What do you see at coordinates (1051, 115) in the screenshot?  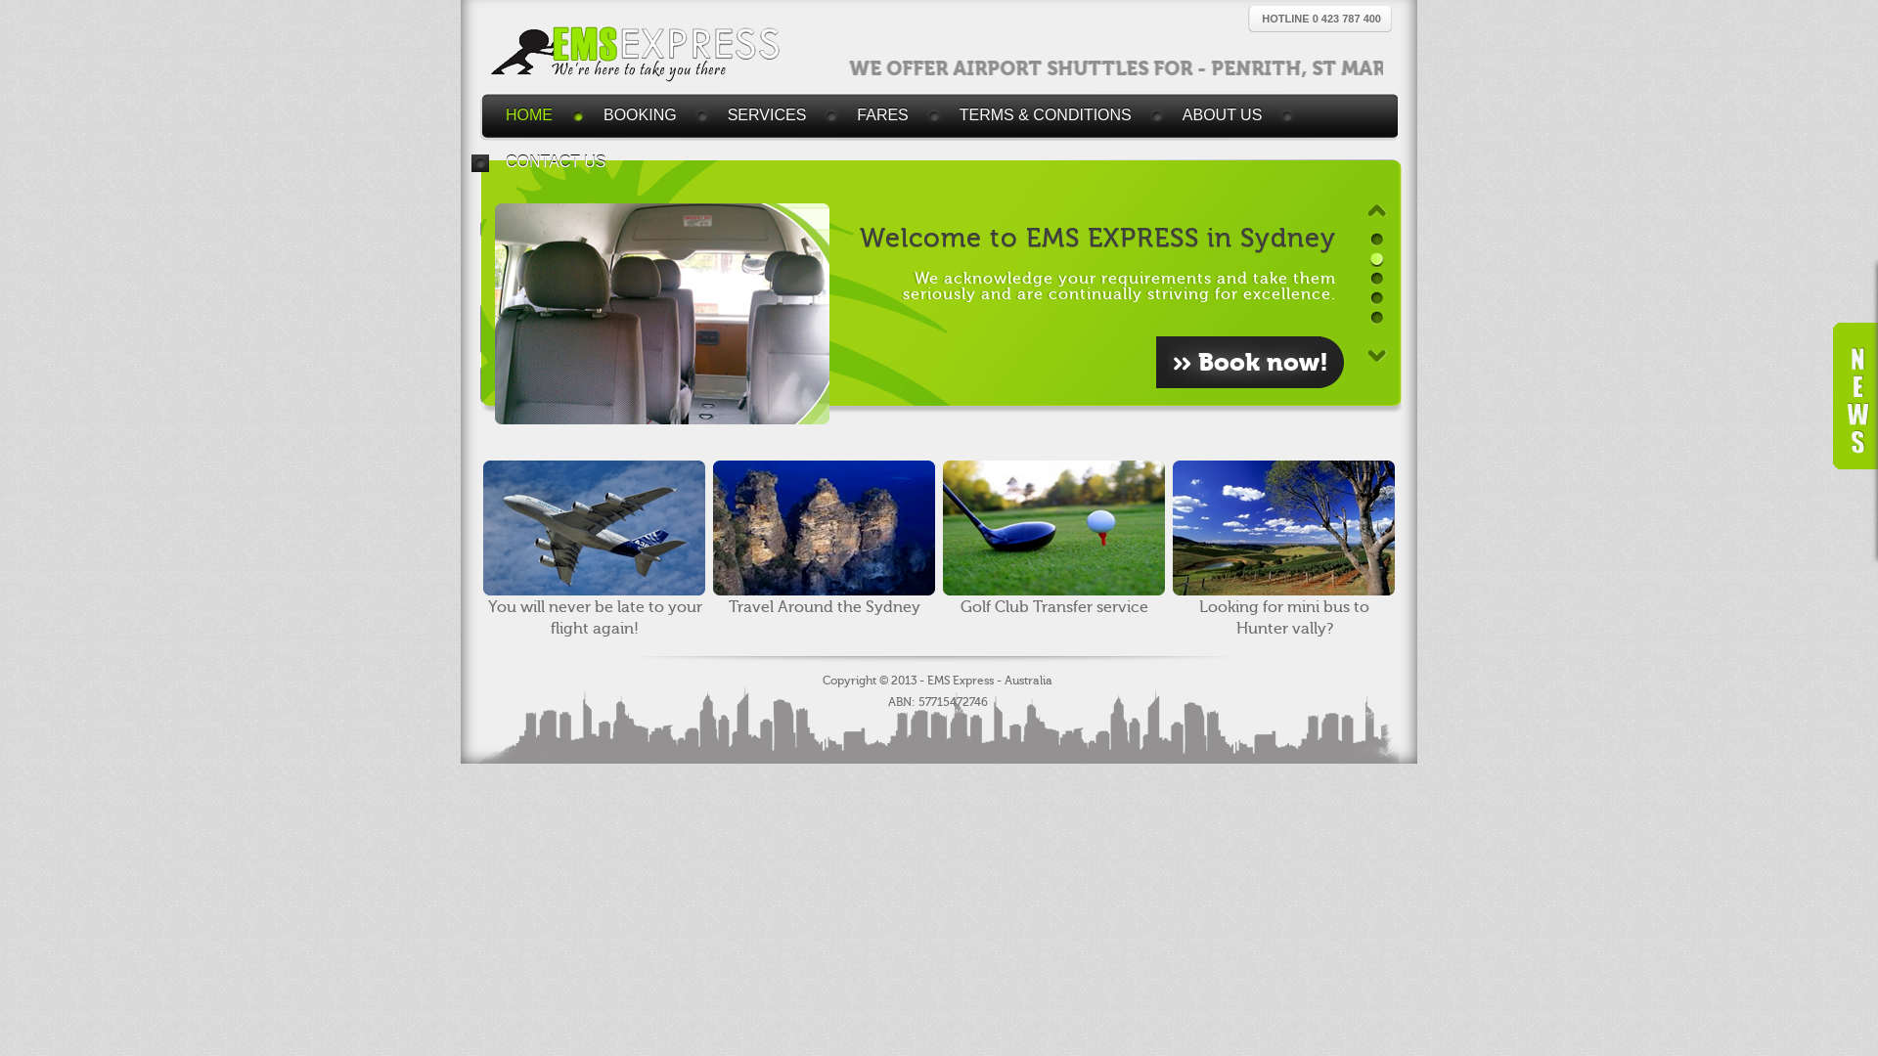 I see `'TERMS & CONDITIONS'` at bounding box center [1051, 115].